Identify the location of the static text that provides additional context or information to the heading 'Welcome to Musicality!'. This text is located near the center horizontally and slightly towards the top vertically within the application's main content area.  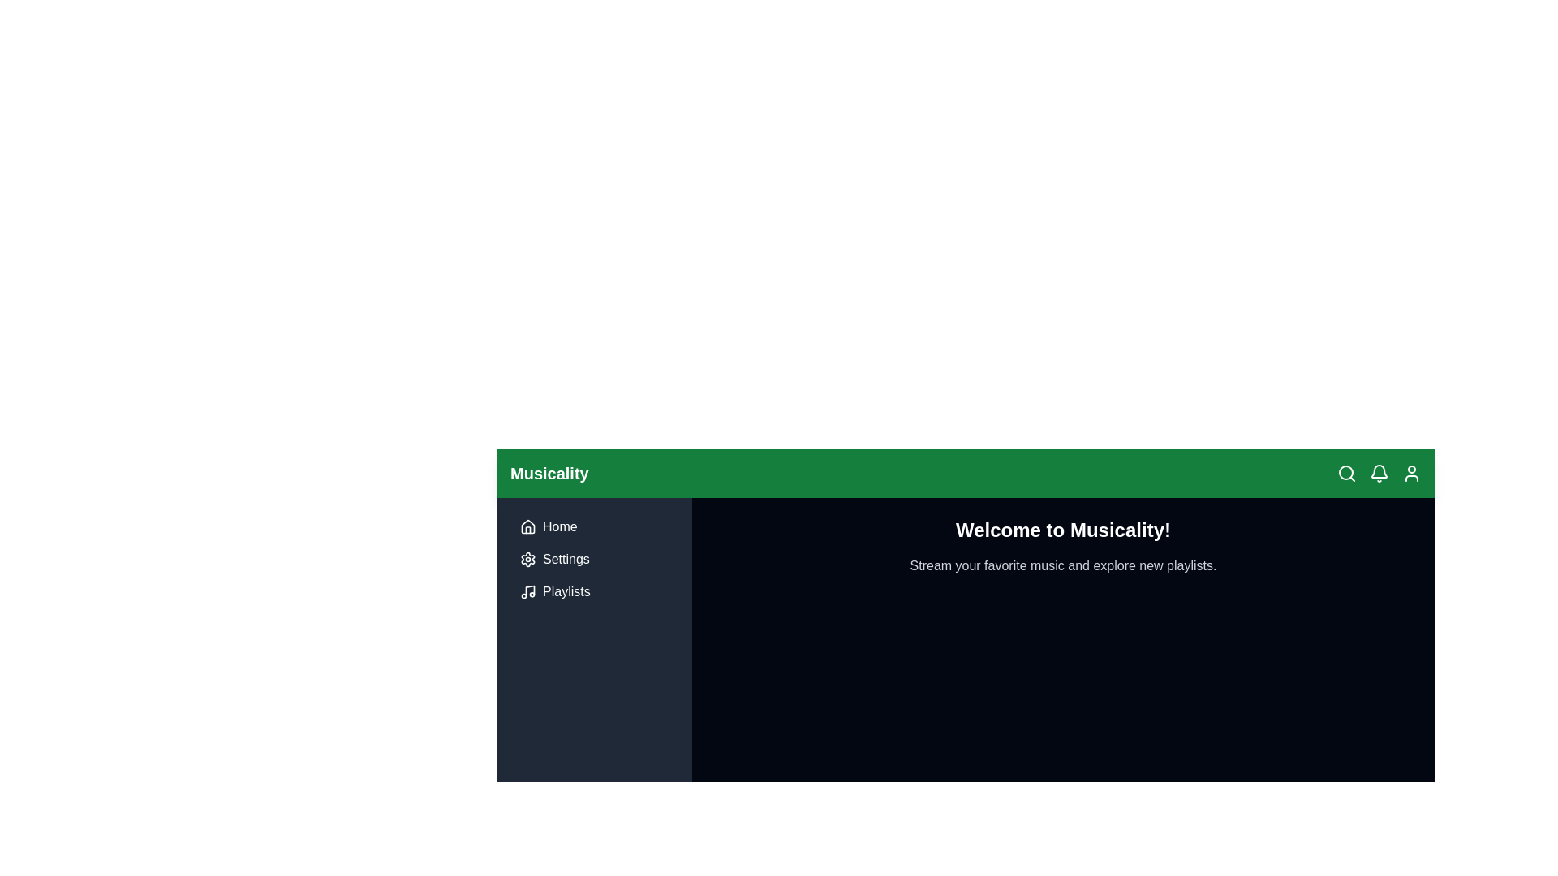
(1063, 565).